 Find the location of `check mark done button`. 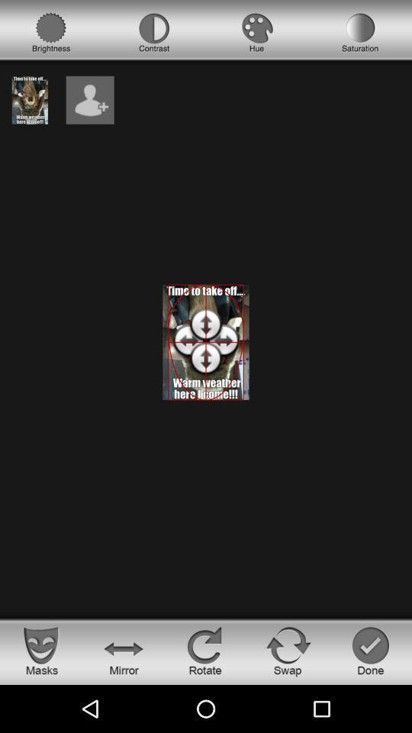

check mark done button is located at coordinates (370, 650).